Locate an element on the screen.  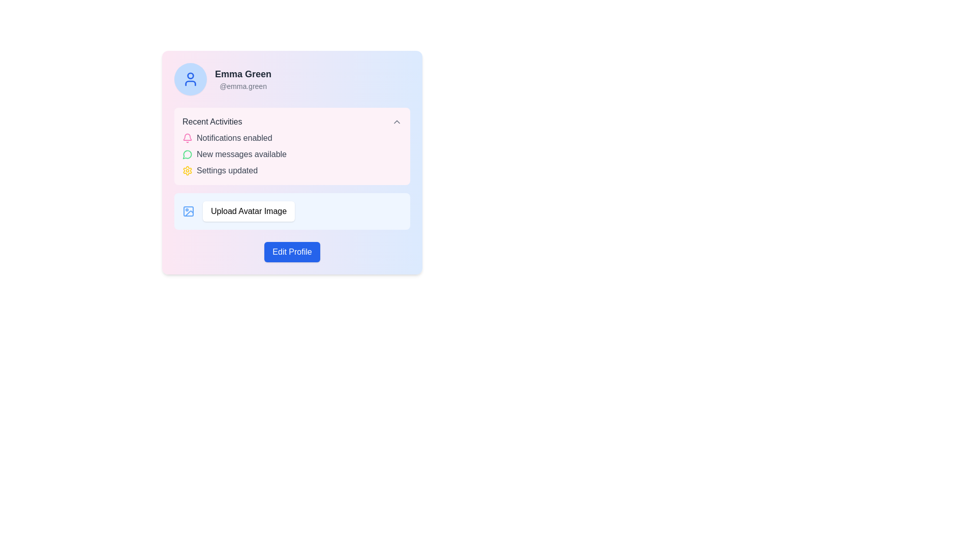
the user's profile avatar SVG icon located at the top-left corner of the profile card, which is above the 'Emma Green' and '@emma.green' text labels is located at coordinates (190, 78).